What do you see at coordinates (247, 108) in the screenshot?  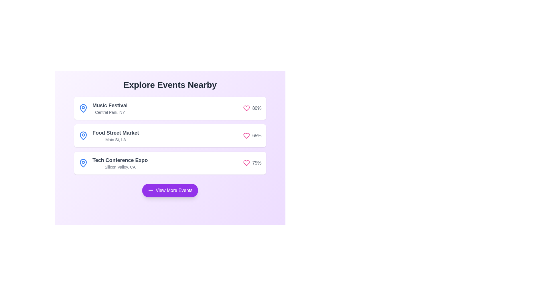 I see `the 'like' icon associated with the 'Music Festival' event, which is positioned to the right of the text 'Music Festival' and its subtitle 'Central Park, NY', and adjacent to the numeric percentage '80%'` at bounding box center [247, 108].